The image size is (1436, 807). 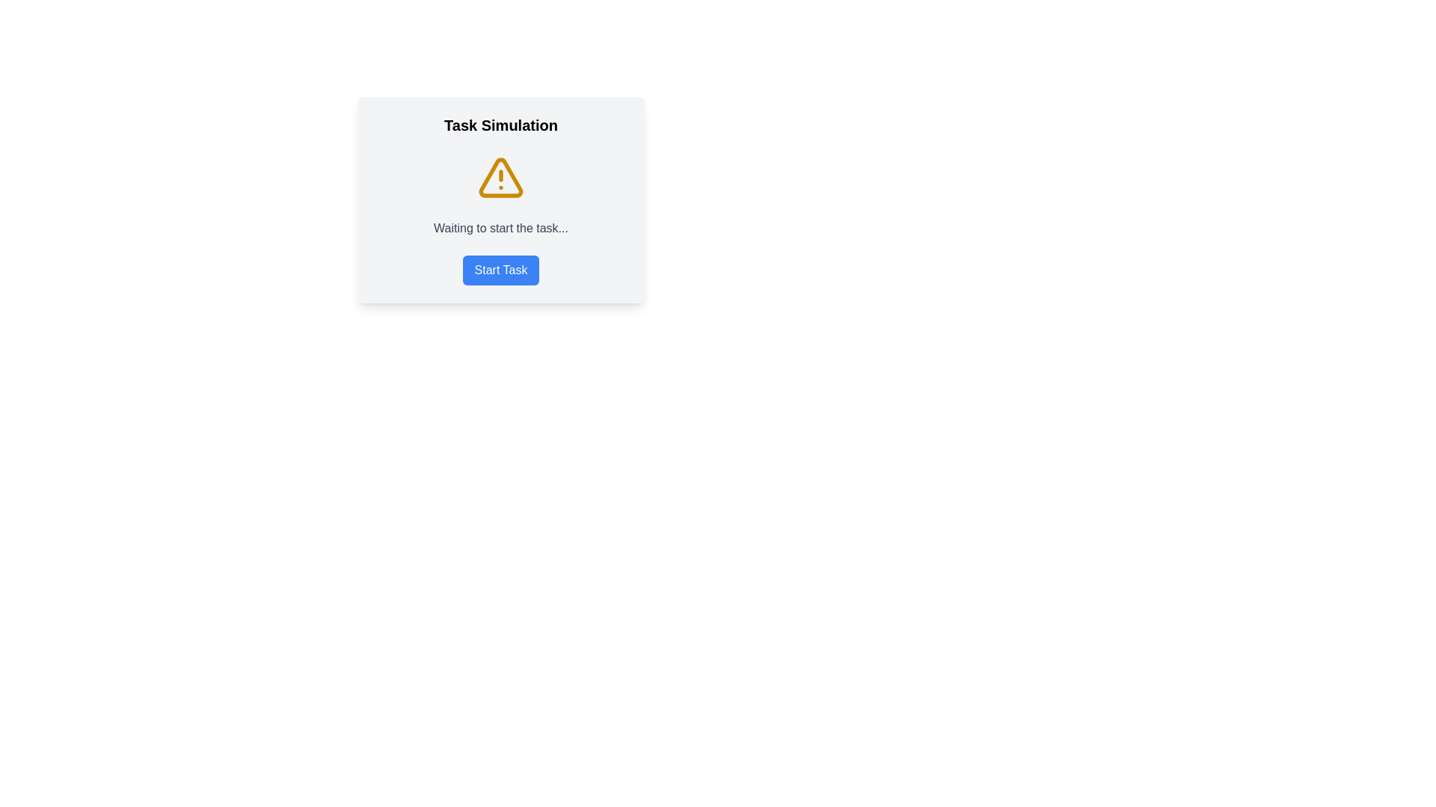 I want to click on the warning or alert icon located centrally within the 'Task Simulation' card, which has a header and description below it, so click(x=501, y=177).